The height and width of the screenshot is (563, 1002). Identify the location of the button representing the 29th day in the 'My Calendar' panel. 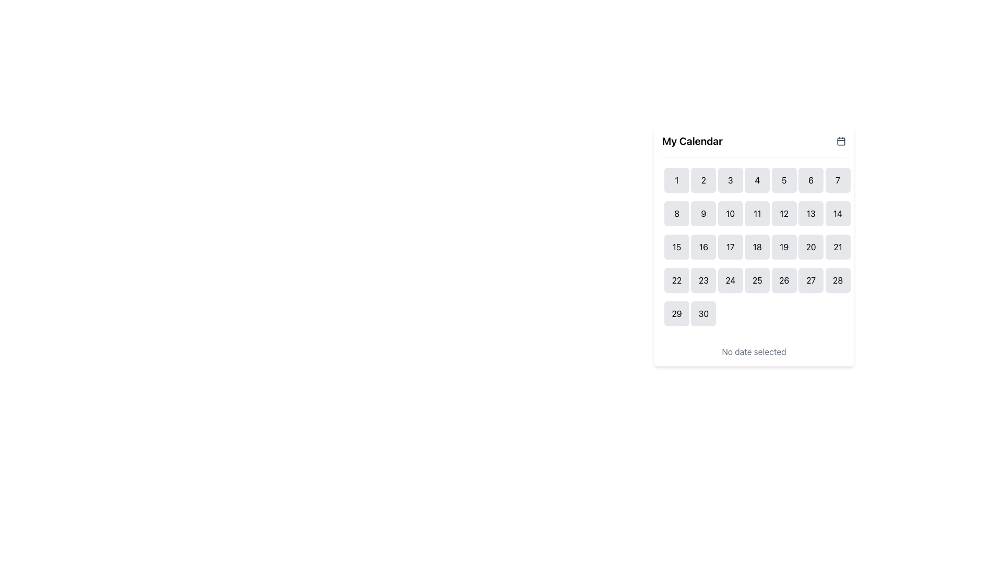
(676, 313).